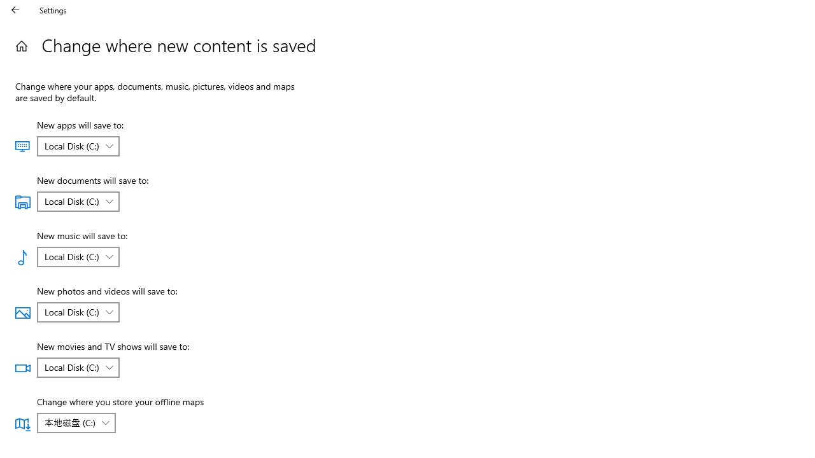  Describe the element at coordinates (77, 146) in the screenshot. I see `'New apps will save to:'` at that location.